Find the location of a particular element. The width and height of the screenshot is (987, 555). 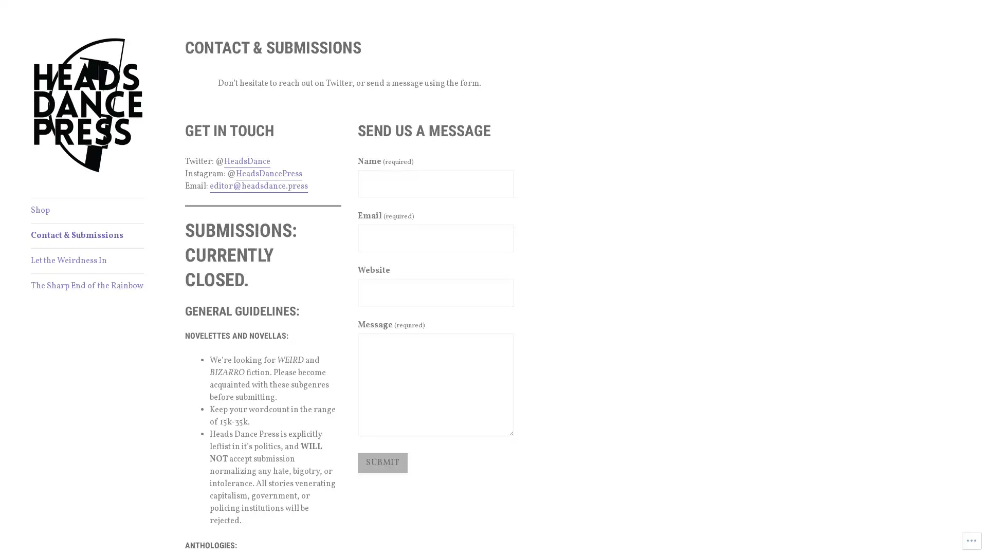

SUBMIT is located at coordinates (382, 461).